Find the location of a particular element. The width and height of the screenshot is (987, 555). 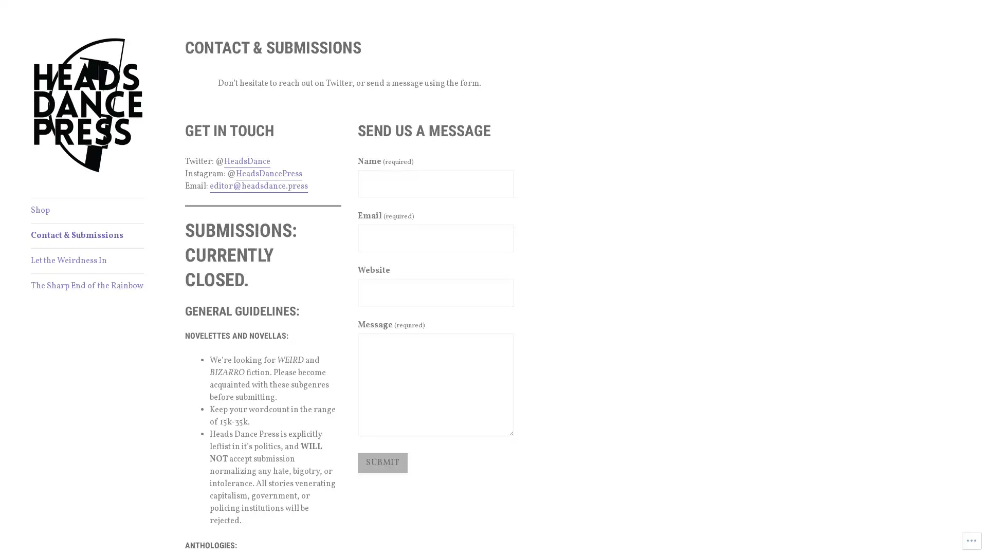

SUBMIT is located at coordinates (382, 461).